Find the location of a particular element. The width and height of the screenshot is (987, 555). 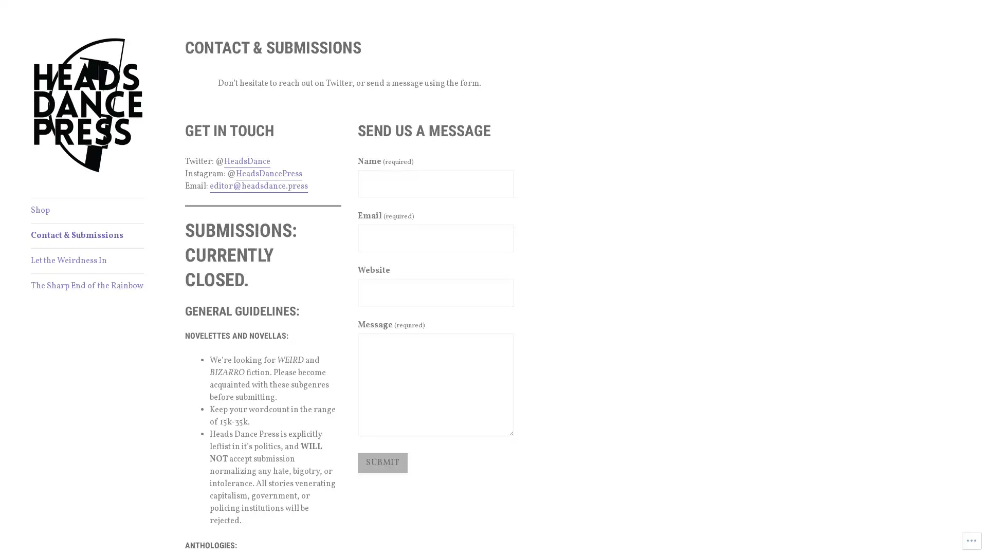

SUBMIT is located at coordinates (382, 461).